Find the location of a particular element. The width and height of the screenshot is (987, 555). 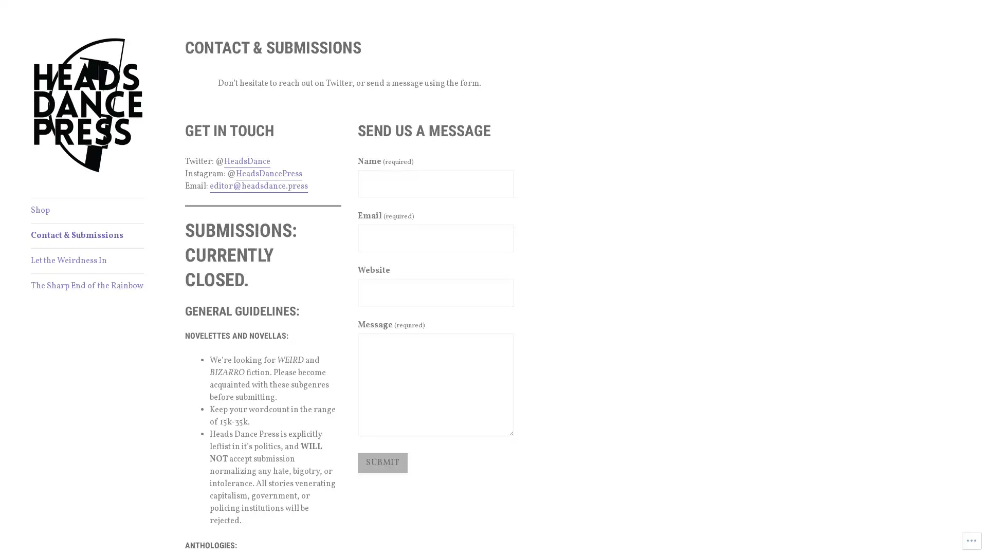

SUBMIT is located at coordinates (382, 461).